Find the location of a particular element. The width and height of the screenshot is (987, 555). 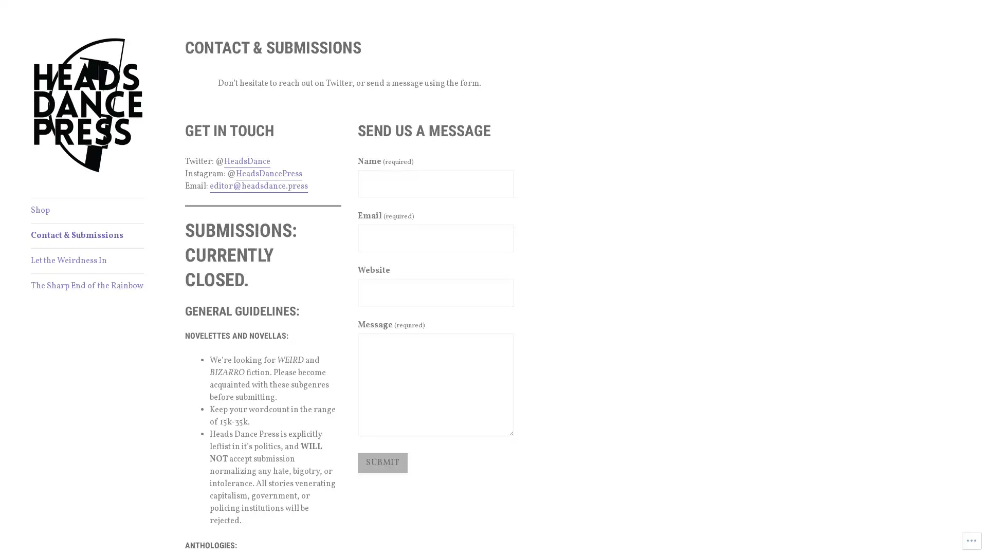

SUBMIT is located at coordinates (382, 461).